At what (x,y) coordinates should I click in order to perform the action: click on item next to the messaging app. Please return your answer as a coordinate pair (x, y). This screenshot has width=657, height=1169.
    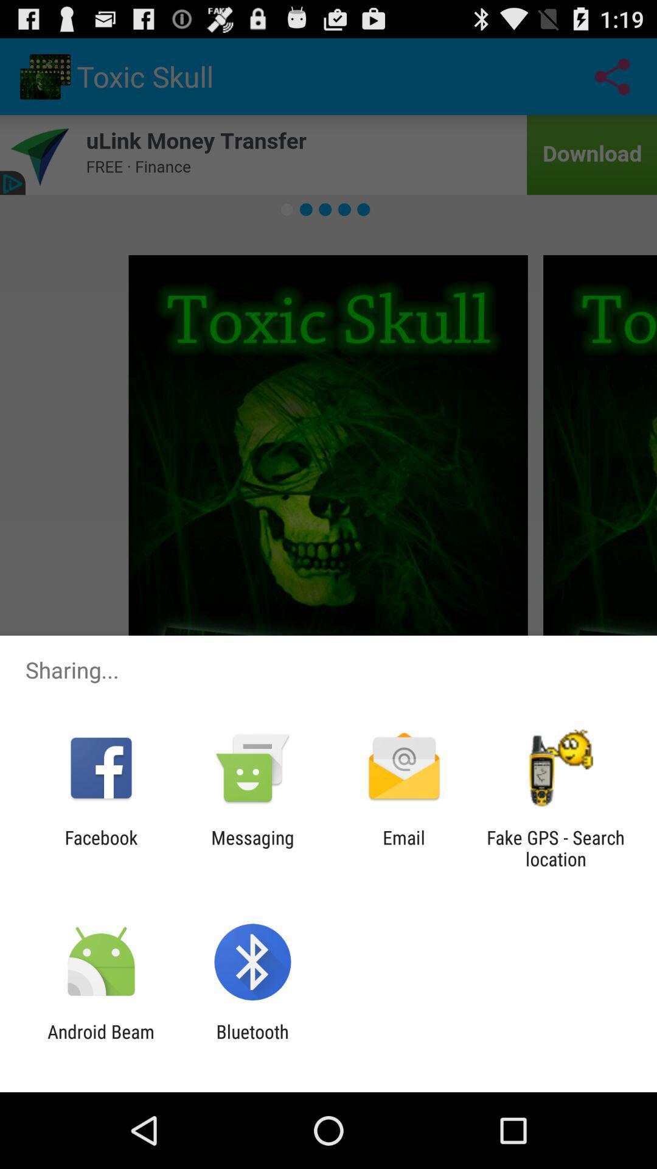
    Looking at the image, I should click on (100, 848).